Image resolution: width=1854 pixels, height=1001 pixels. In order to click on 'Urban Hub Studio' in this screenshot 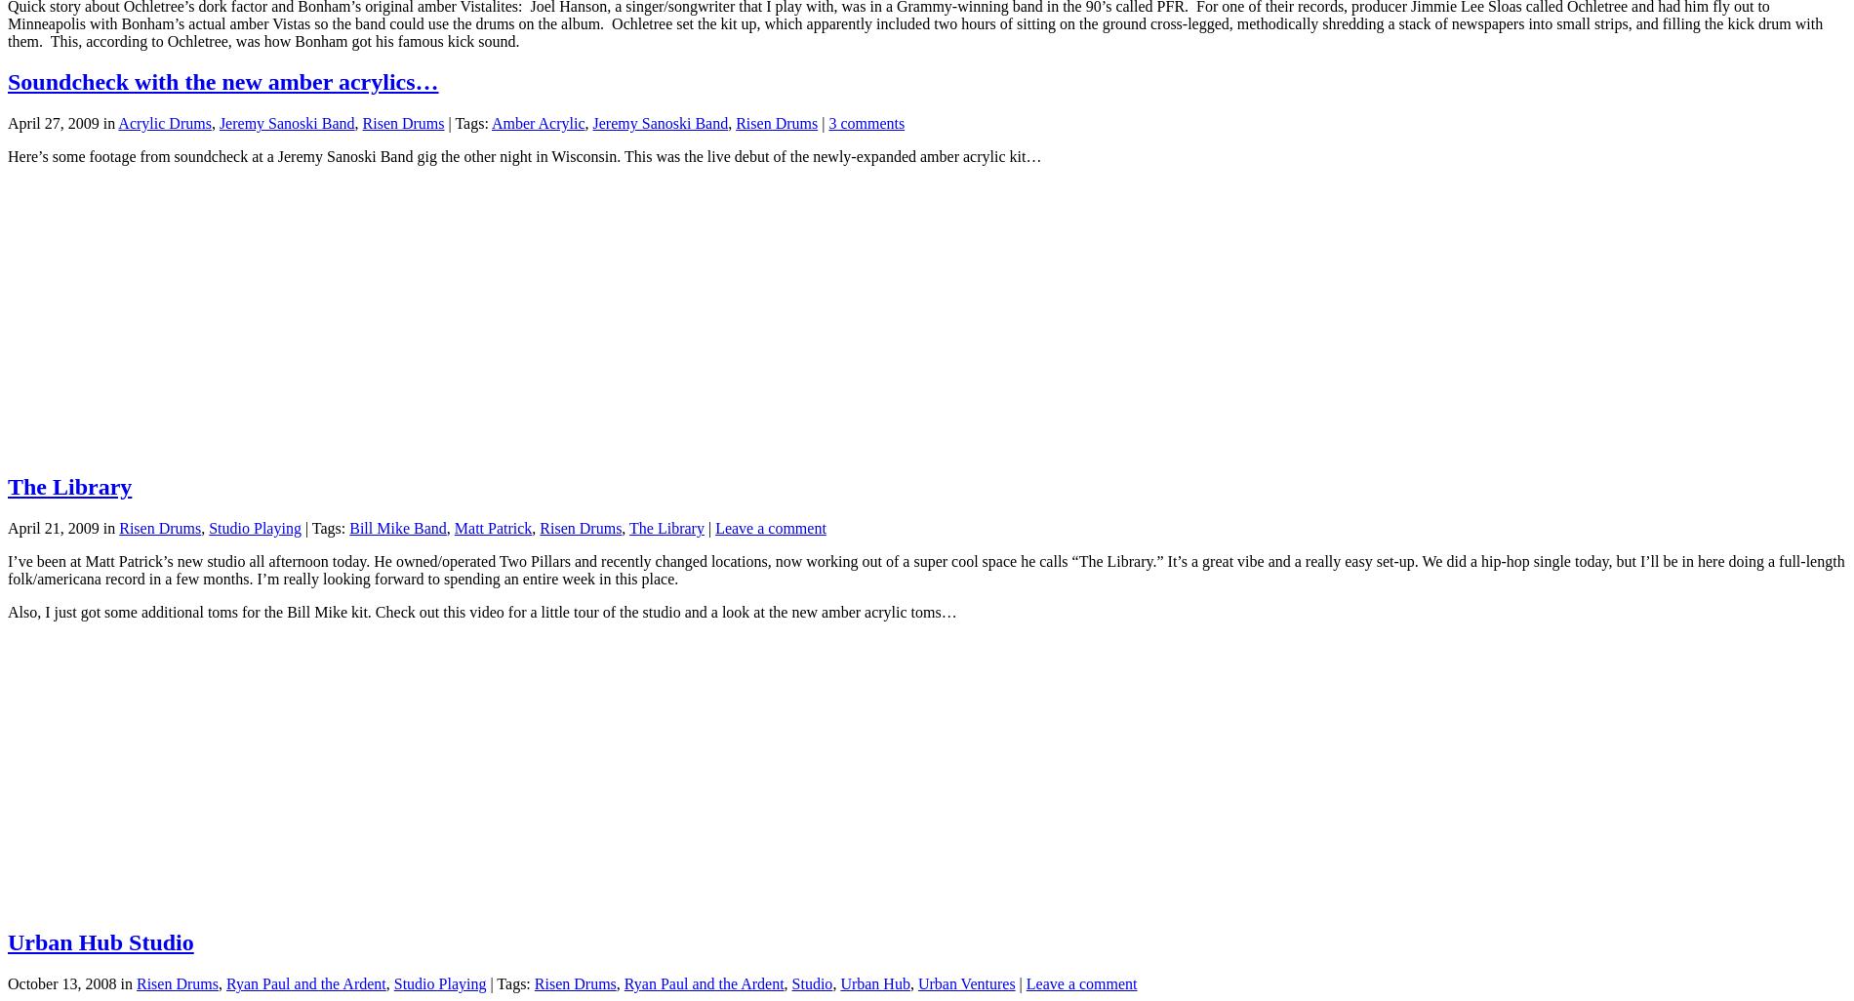, I will do `click(100, 941)`.